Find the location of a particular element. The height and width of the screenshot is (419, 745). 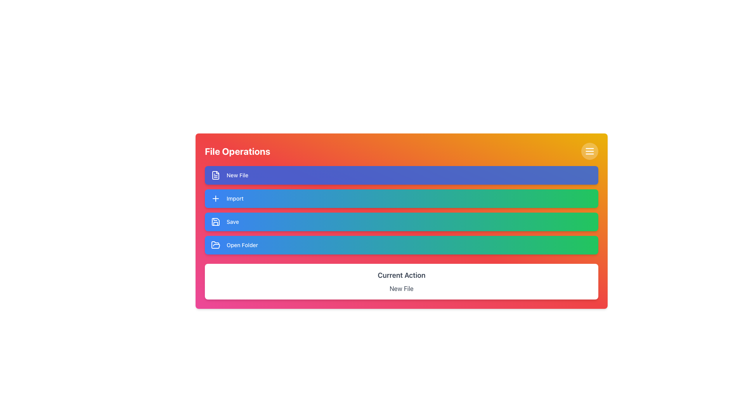

the menu icon button, which is a three-line icon located in the top-right corner of the orange-yellow gradient header section is located at coordinates (590, 151).